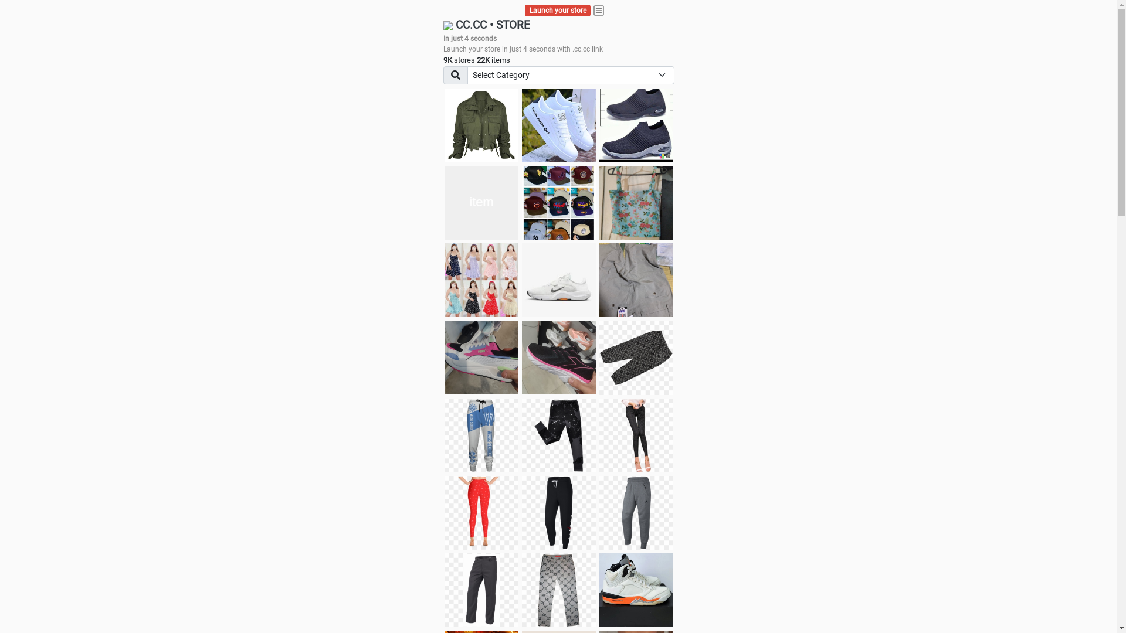 The width and height of the screenshot is (1126, 633). What do you see at coordinates (558, 356) in the screenshot?
I see `'Zapatillas'` at bounding box center [558, 356].